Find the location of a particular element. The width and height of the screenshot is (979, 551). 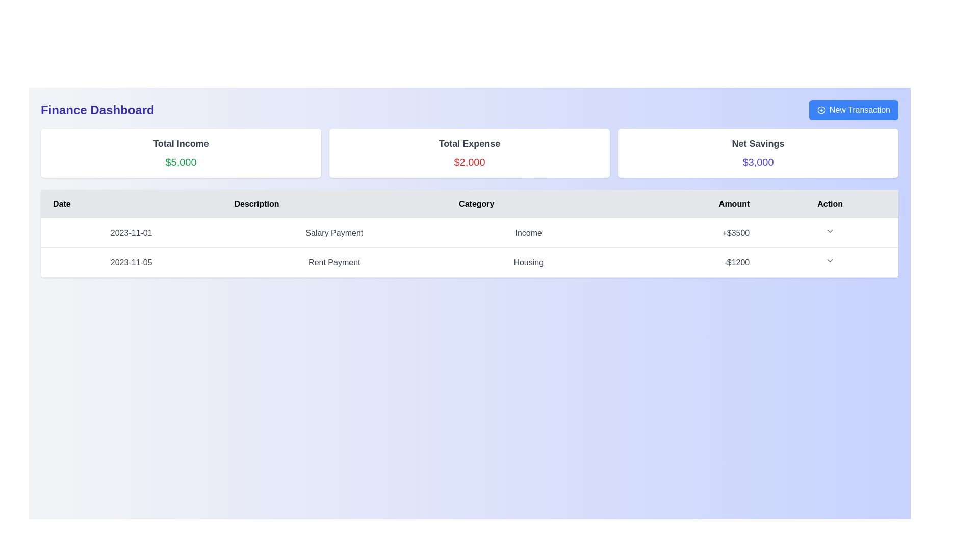

the second row in the transaction details table, which contains the date '2023-11-05', description 'Rent Payment', category 'Housing', and amount '-$1200' is located at coordinates (469, 261).